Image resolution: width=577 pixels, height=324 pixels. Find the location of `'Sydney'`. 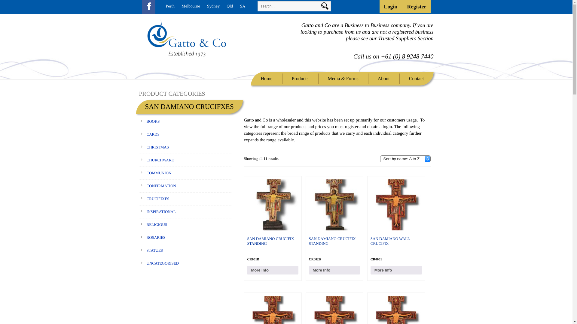

'Sydney' is located at coordinates (213, 6).